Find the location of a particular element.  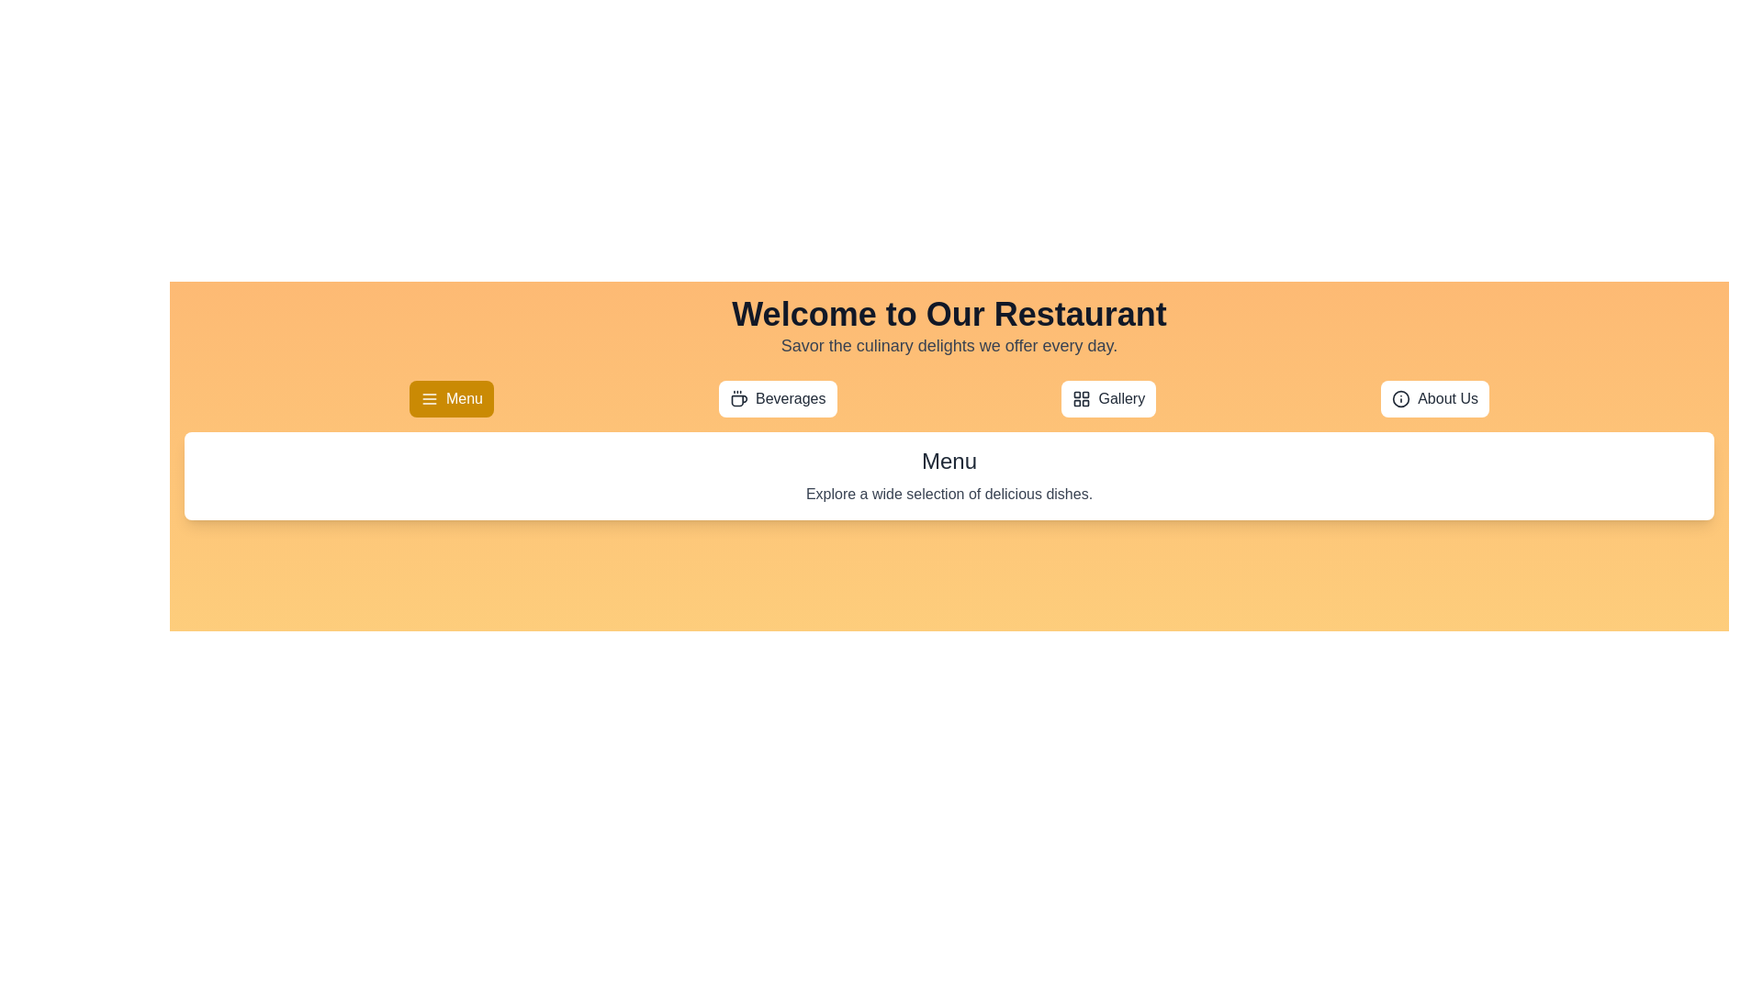

the About Us tab to view its content is located at coordinates (1434, 398).